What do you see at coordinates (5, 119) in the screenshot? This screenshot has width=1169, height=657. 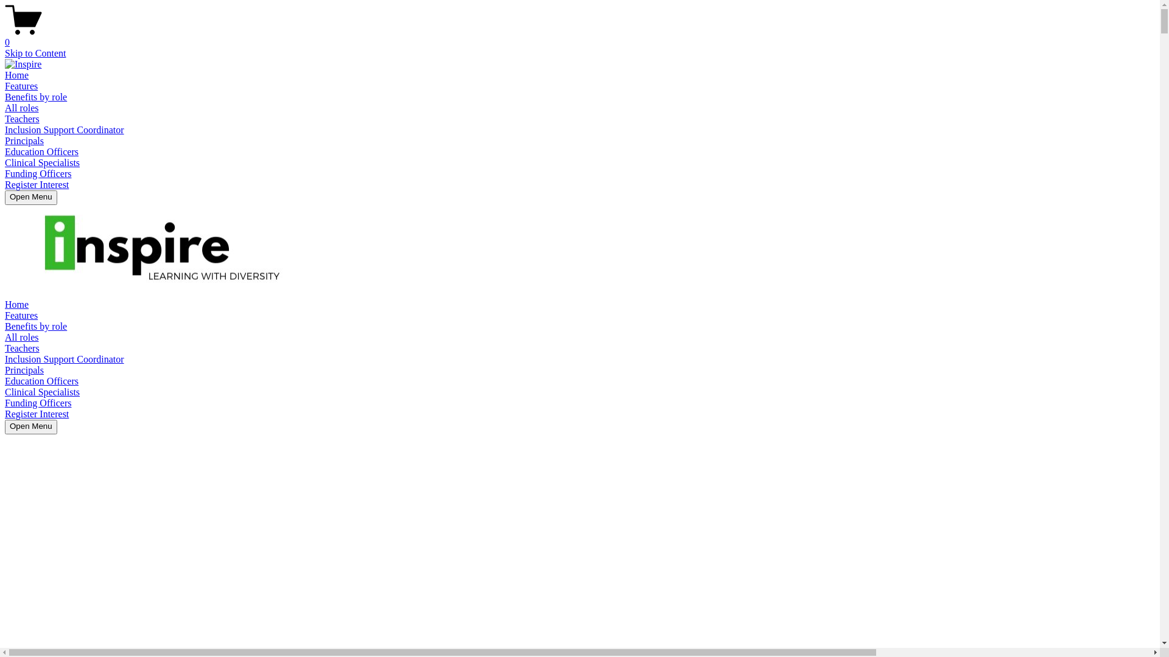 I see `'Teachers'` at bounding box center [5, 119].